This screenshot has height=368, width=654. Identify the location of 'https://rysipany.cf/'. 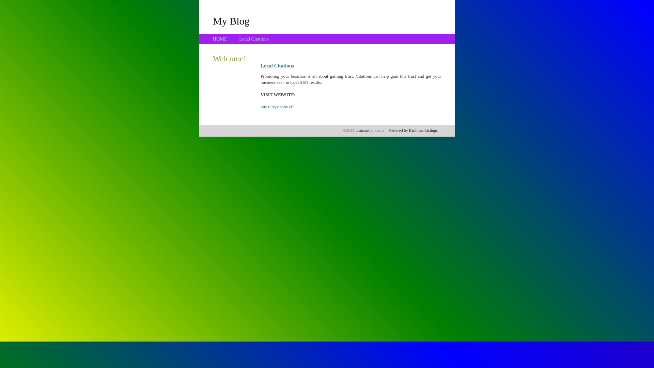
(277, 107).